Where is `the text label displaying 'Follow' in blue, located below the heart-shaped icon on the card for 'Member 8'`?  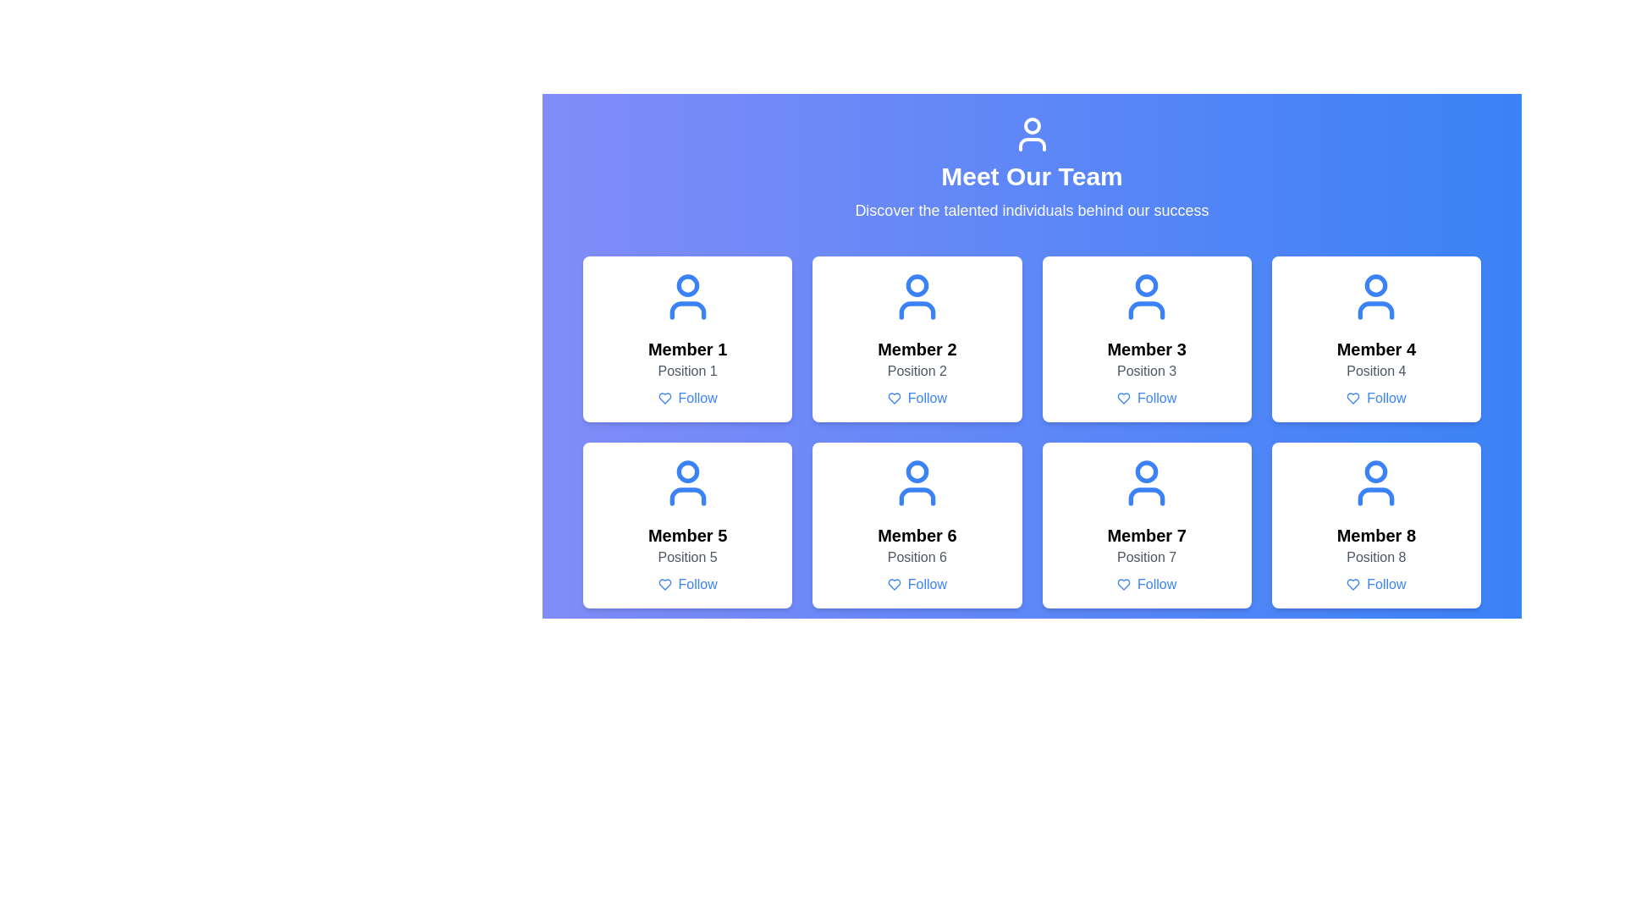
the text label displaying 'Follow' in blue, located below the heart-shaped icon on the card for 'Member 8' is located at coordinates (1386, 583).